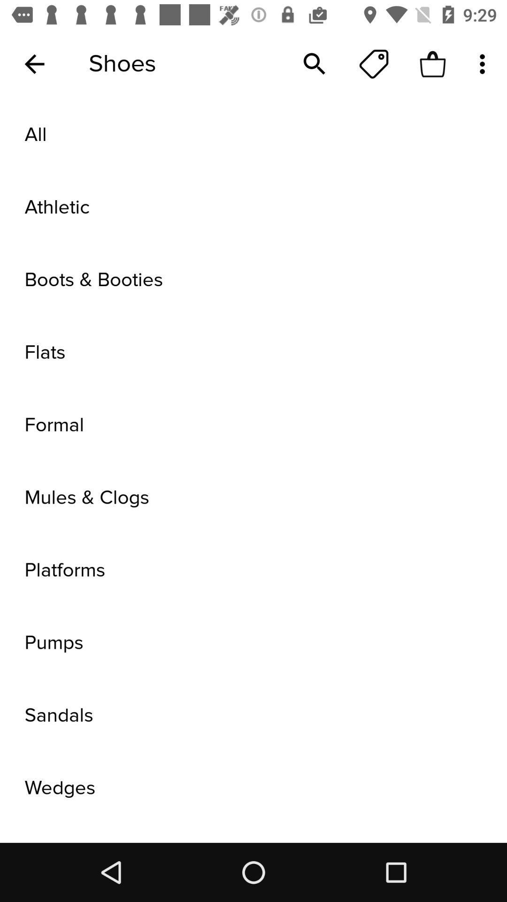  Describe the element at coordinates (253, 134) in the screenshot. I see `all icon` at that location.